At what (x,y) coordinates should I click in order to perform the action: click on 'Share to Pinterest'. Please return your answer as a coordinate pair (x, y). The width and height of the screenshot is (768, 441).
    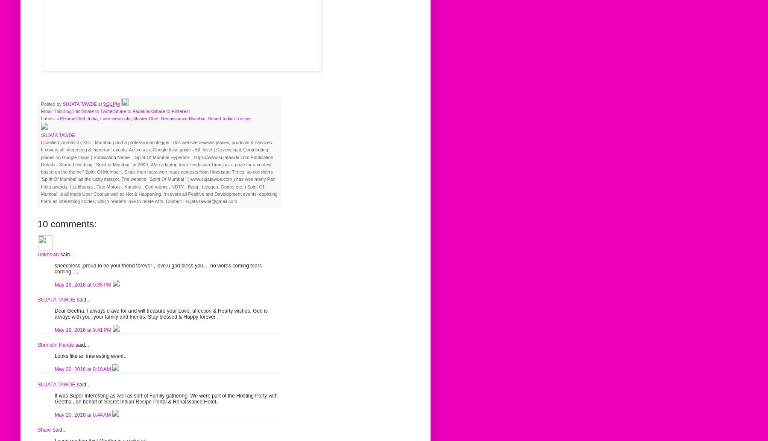
    Looking at the image, I should click on (170, 110).